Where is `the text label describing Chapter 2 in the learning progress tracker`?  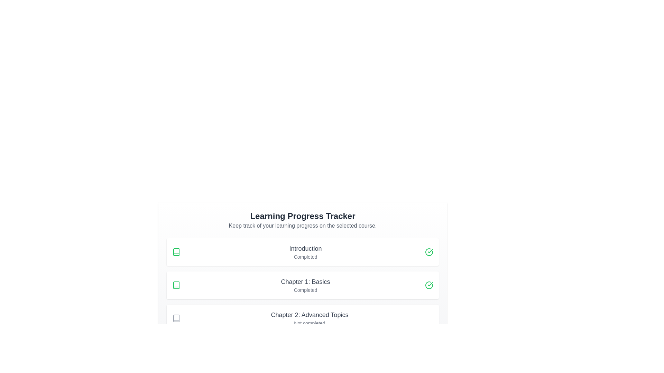 the text label describing Chapter 2 in the learning progress tracker is located at coordinates (309, 315).